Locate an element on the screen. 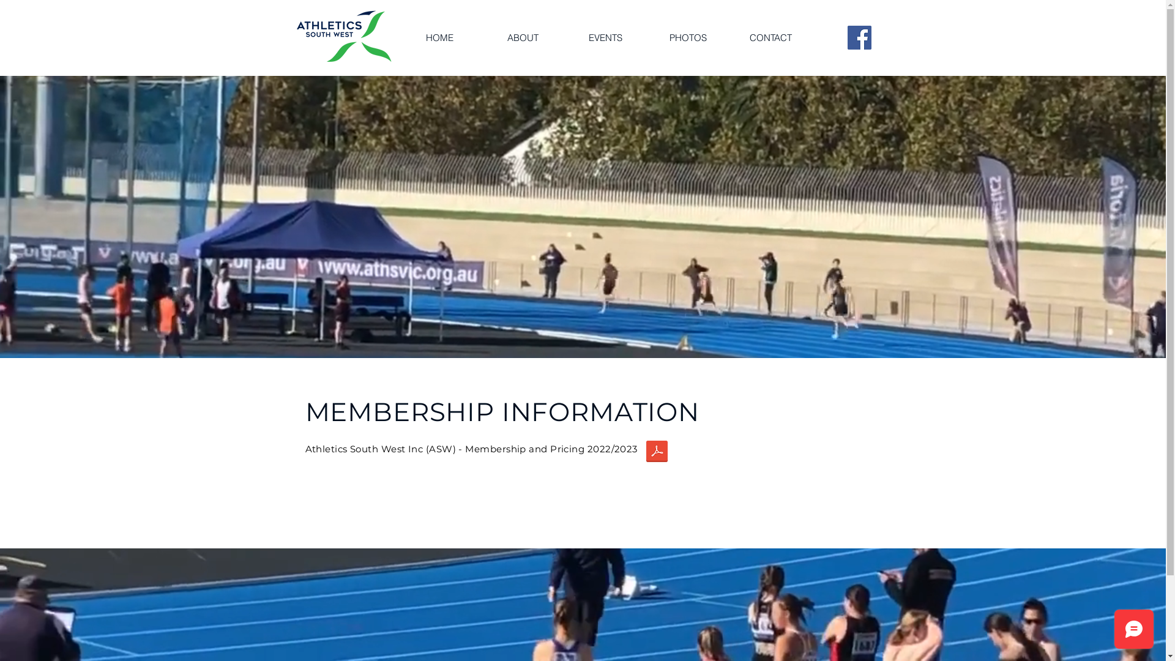  'CONTACT' is located at coordinates (770, 37).